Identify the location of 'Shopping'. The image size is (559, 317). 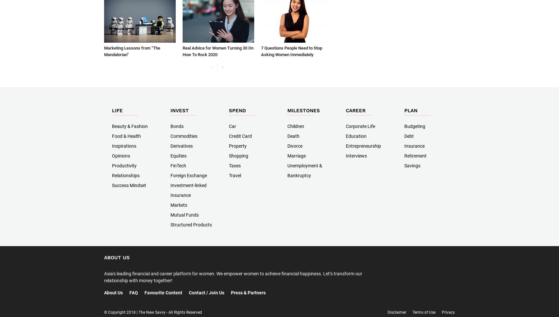
(238, 156).